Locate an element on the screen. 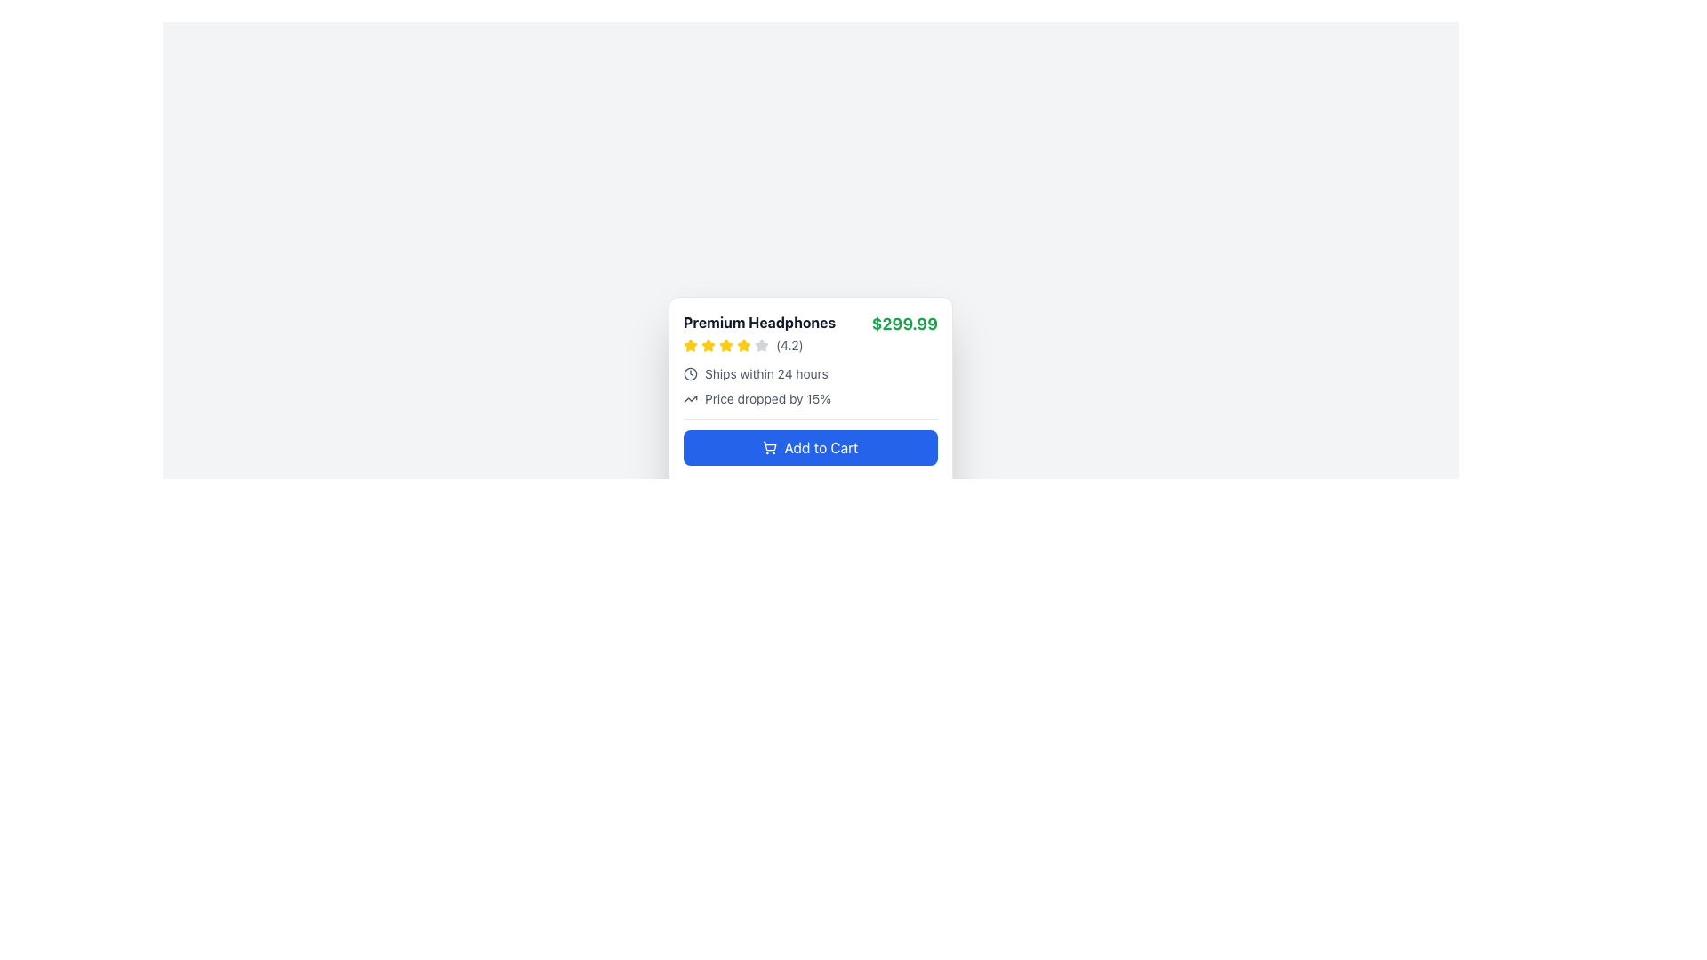 The height and width of the screenshot is (960, 1707). the text element displaying '(4.2)' in the bottom-right corner of the star icons is located at coordinates (789, 346).